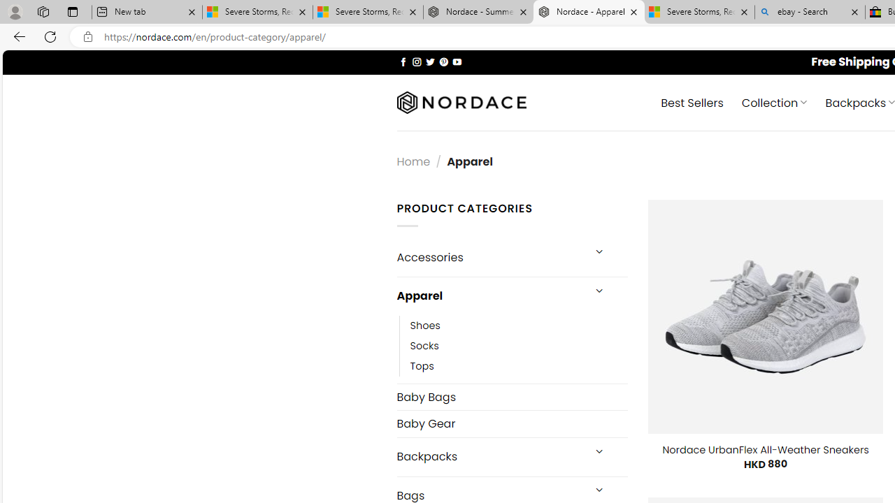  Describe the element at coordinates (692, 101) in the screenshot. I see `'  Best Sellers'` at that location.